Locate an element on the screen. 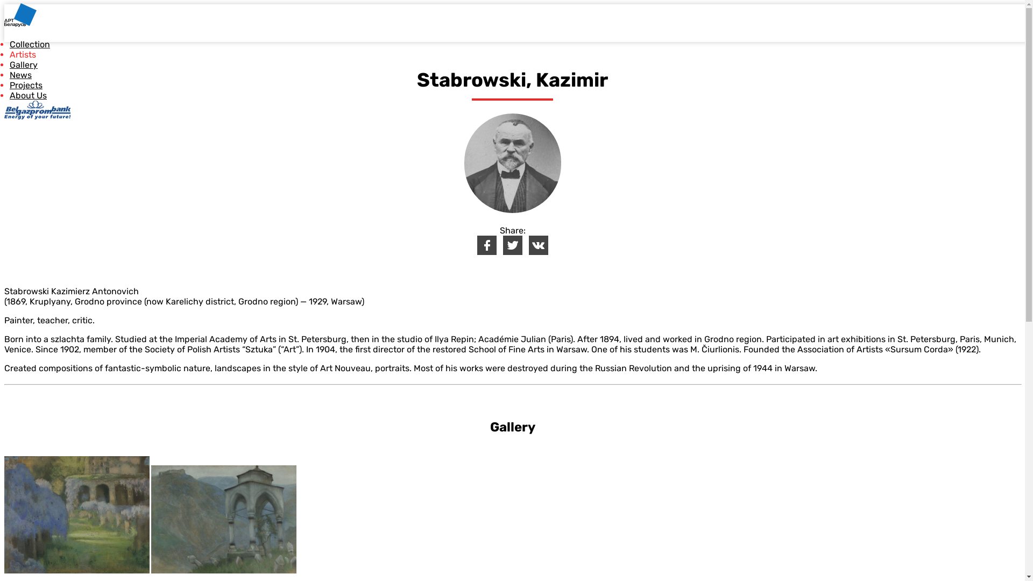  'Gallery' is located at coordinates (23, 65).